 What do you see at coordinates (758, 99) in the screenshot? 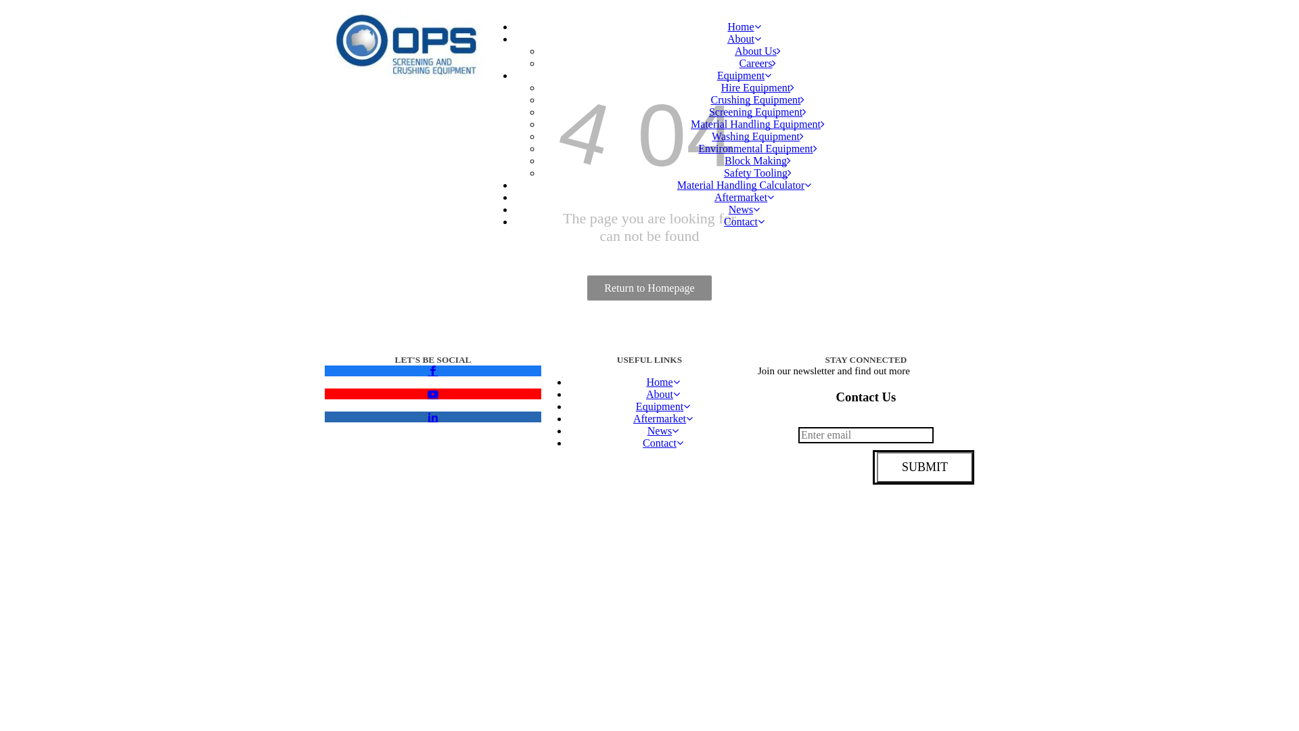
I see `'Crushing Equipment'` at bounding box center [758, 99].